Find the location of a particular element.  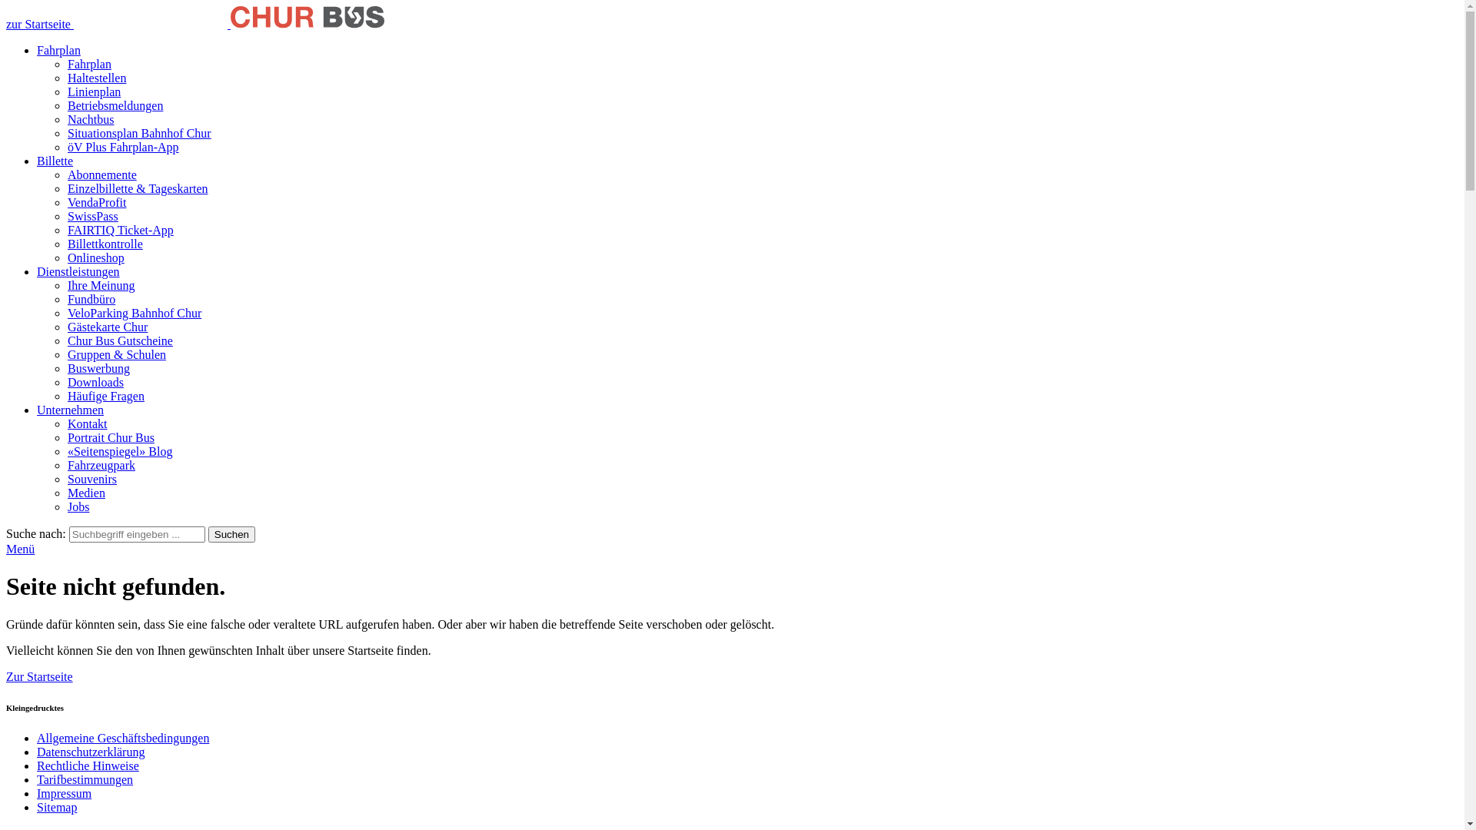

'Impressum' is located at coordinates (63, 793).